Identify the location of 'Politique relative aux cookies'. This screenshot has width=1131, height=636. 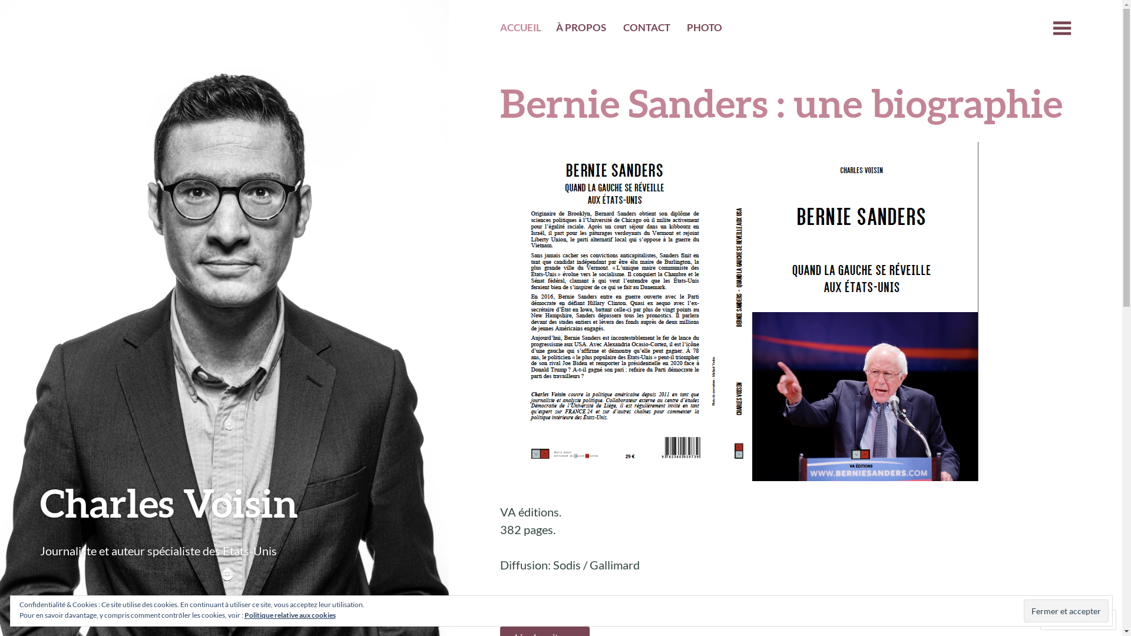
(243, 614).